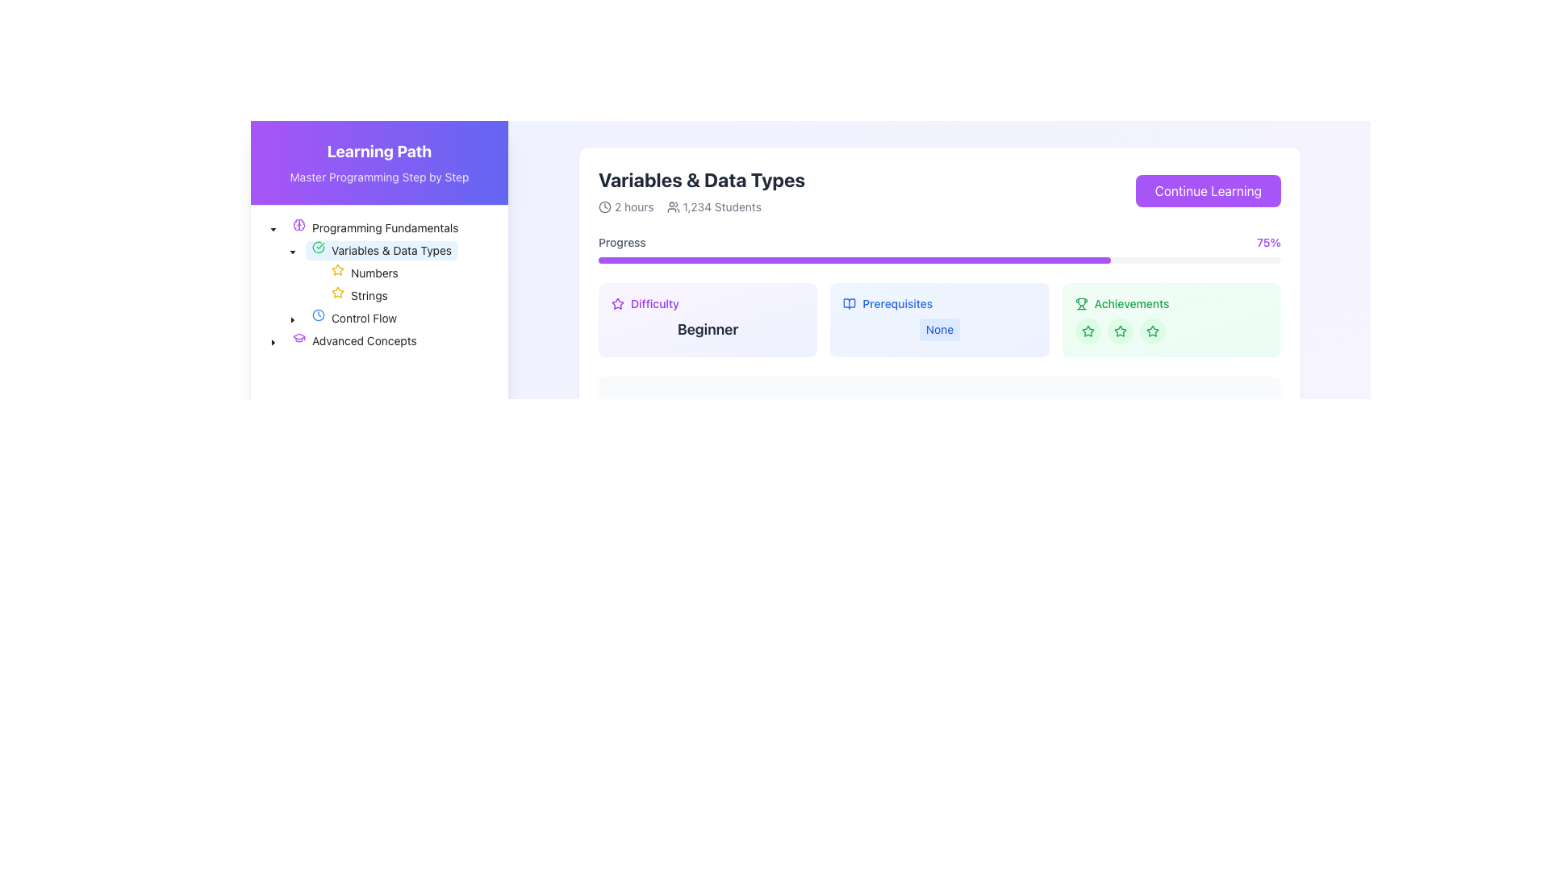 The height and width of the screenshot is (871, 1549). Describe the element at coordinates (321, 251) in the screenshot. I see `the circular icon with a green border and a checkmark located to the left of 'Variables & Data Types' in the navigation list` at that location.